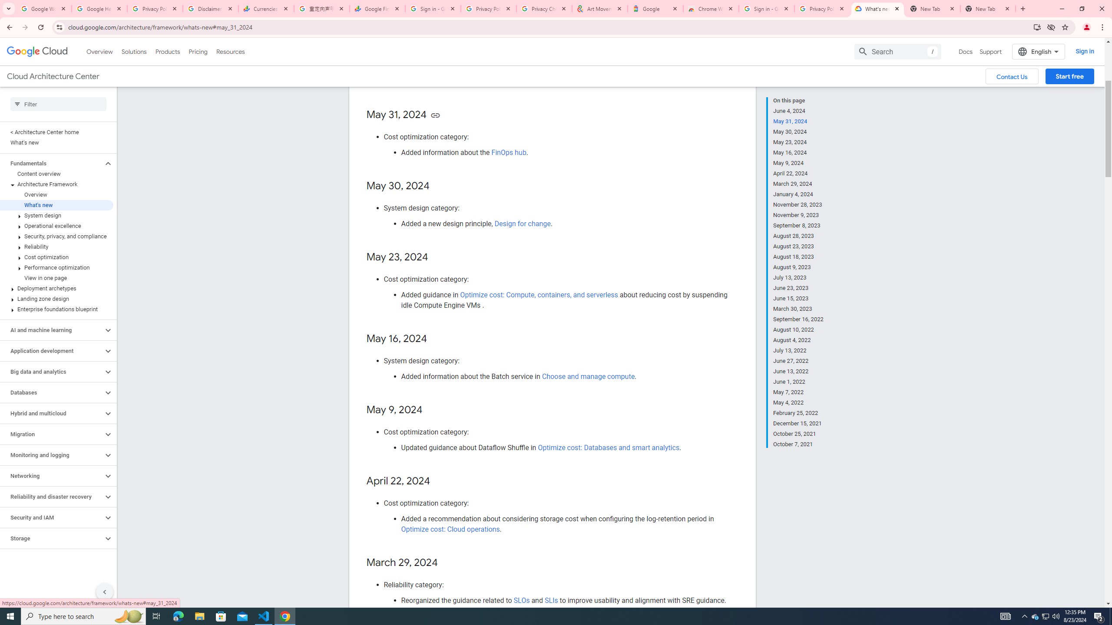  I want to click on 'English', so click(1038, 51).